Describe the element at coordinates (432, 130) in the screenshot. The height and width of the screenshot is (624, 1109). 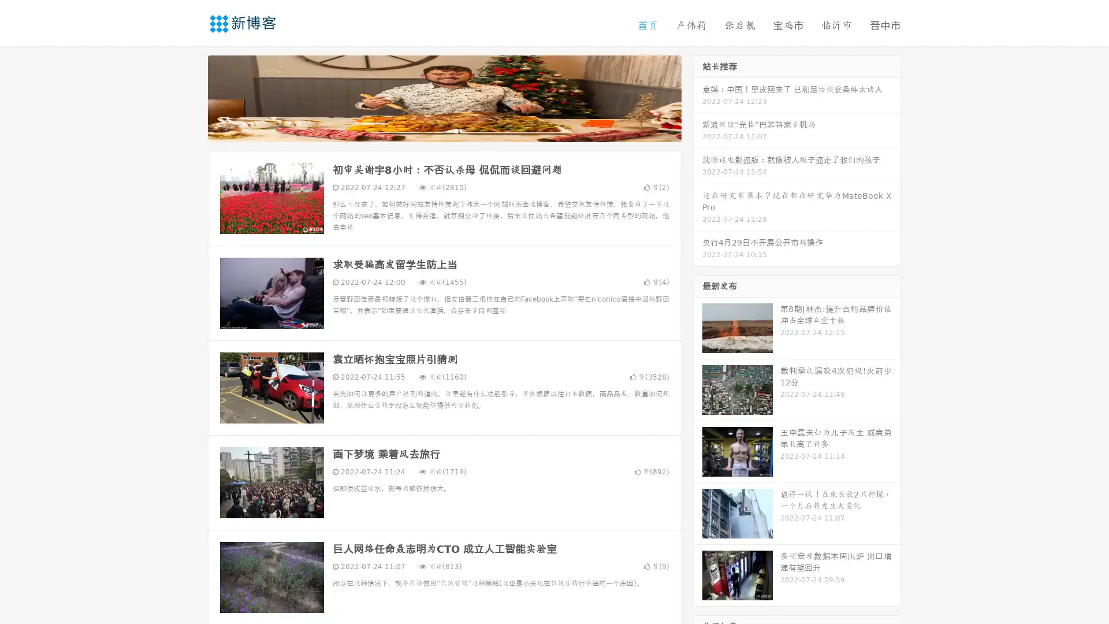
I see `Go to slide 1` at that location.